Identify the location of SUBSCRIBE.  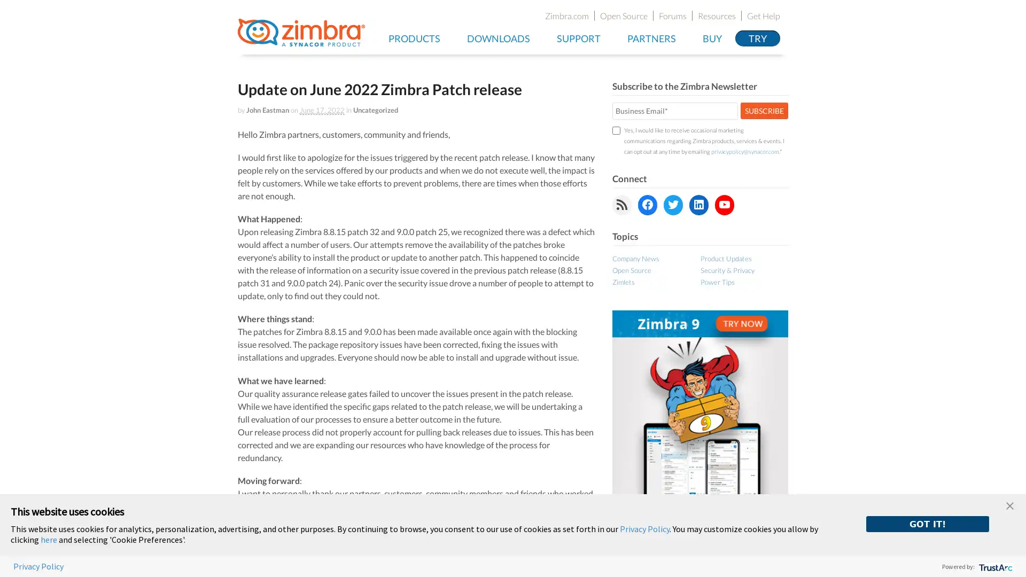
(766, 111).